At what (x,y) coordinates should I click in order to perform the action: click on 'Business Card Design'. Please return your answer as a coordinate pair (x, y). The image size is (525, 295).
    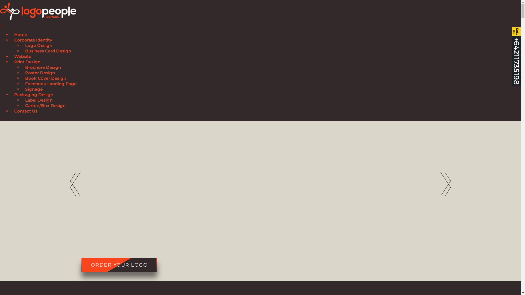
    Looking at the image, I should click on (48, 52).